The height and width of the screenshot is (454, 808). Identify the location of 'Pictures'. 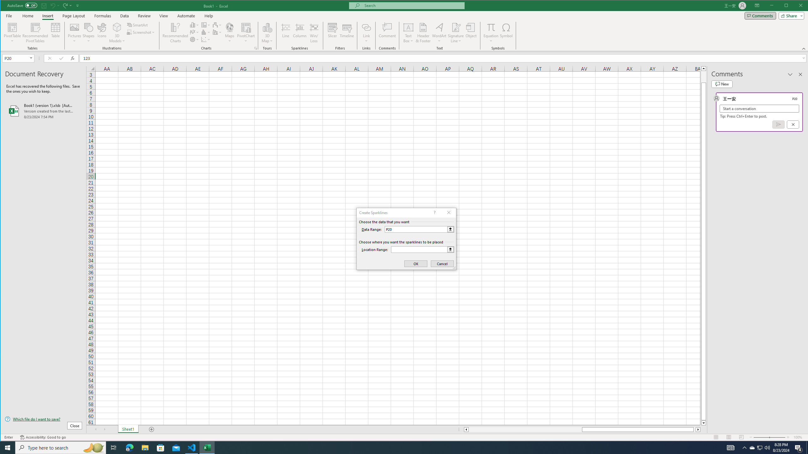
(74, 32).